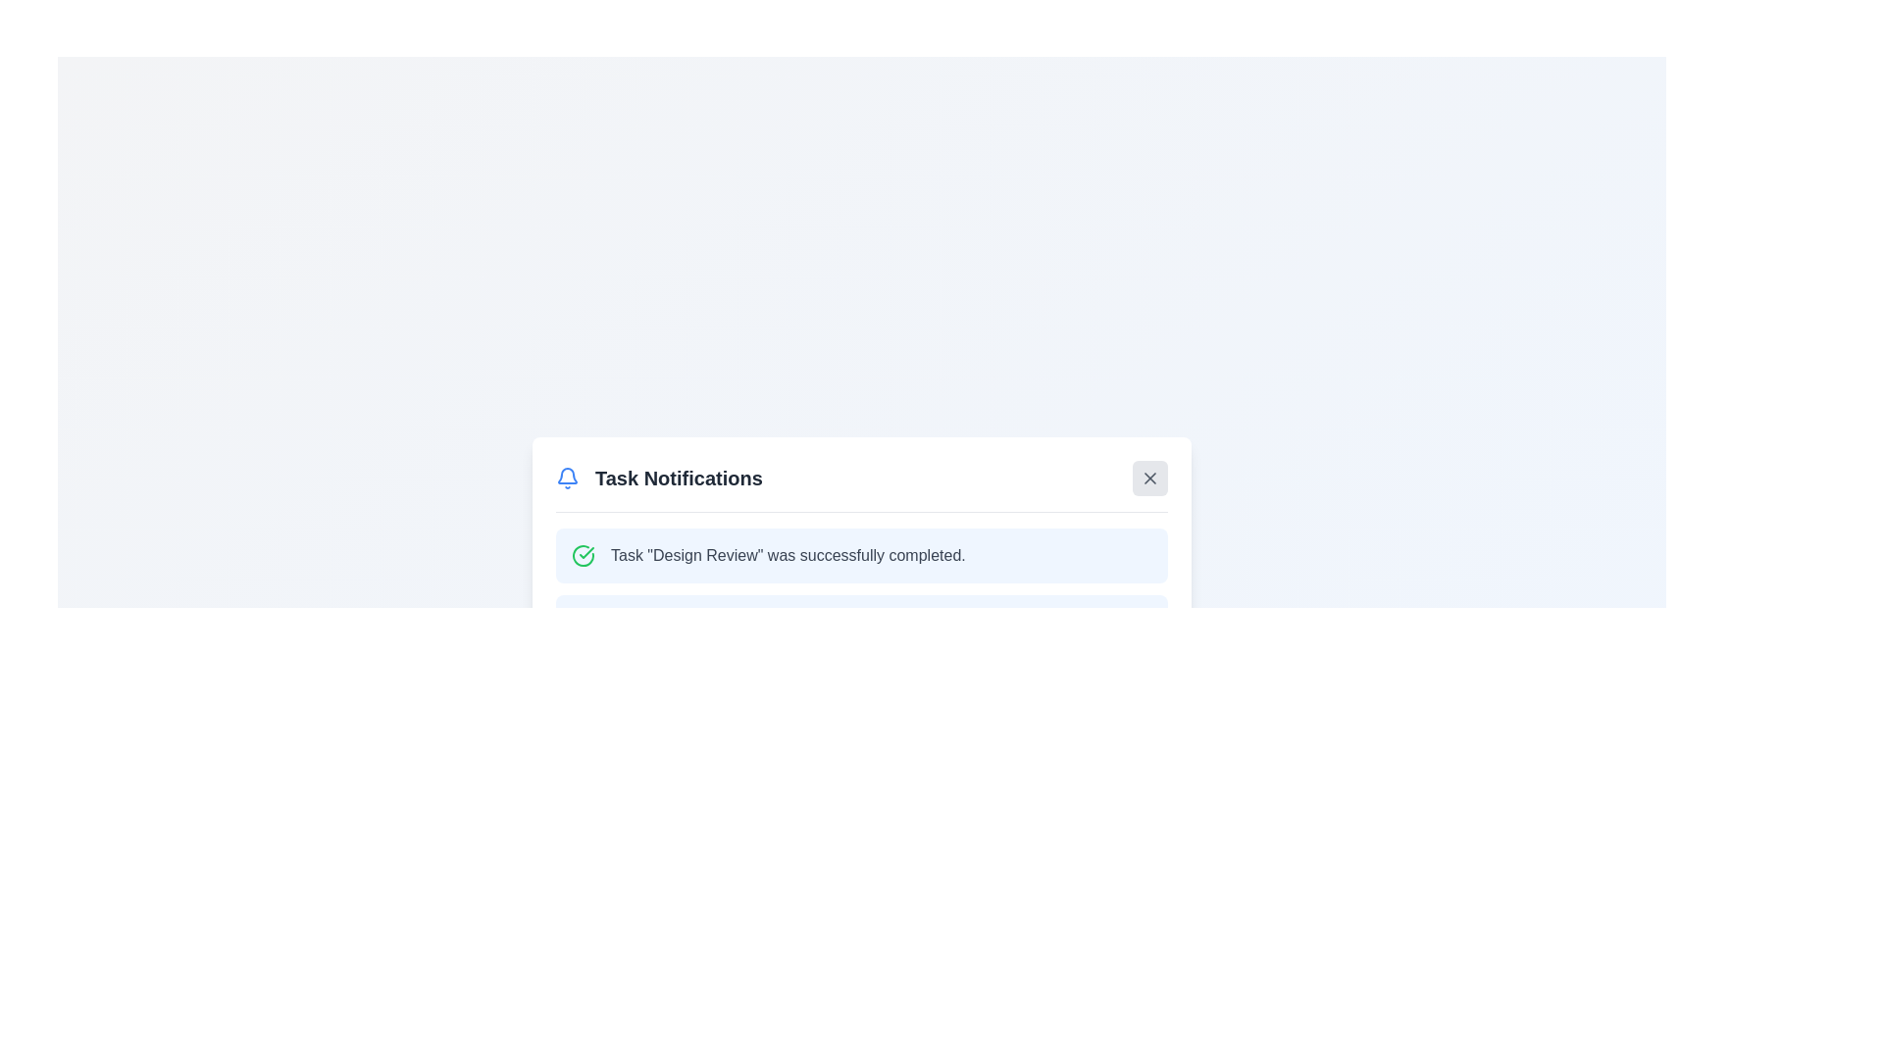 This screenshot has width=1883, height=1059. I want to click on the close icon button located at the top-right corner of the 'Task Notifications' popup, so click(1149, 478).